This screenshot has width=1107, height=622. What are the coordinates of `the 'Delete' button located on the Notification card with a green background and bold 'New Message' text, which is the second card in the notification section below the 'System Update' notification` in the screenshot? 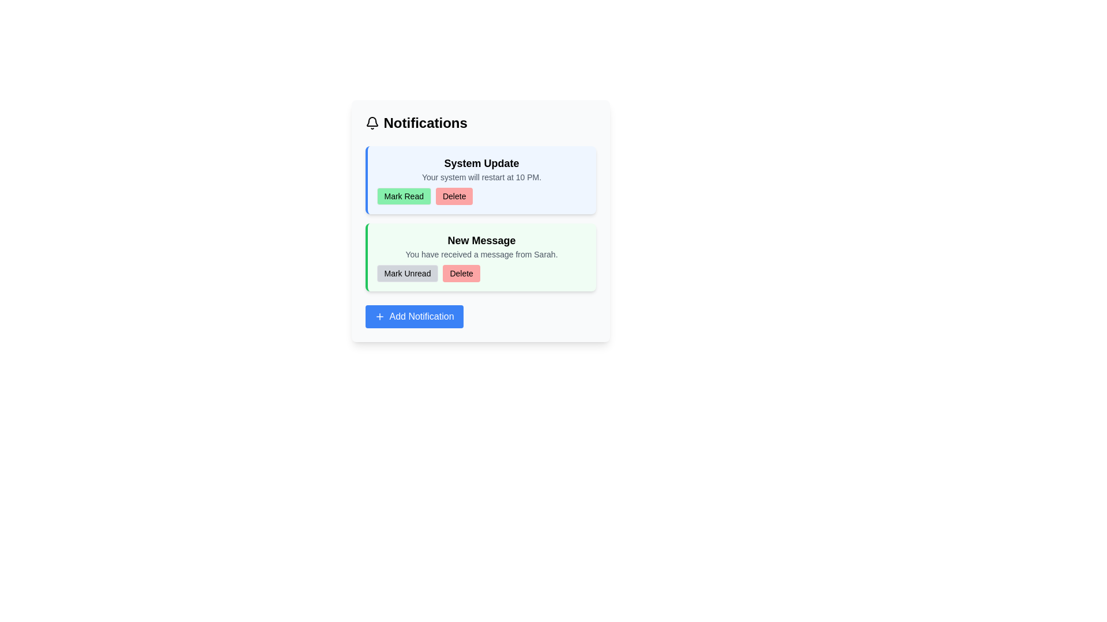 It's located at (480, 257).